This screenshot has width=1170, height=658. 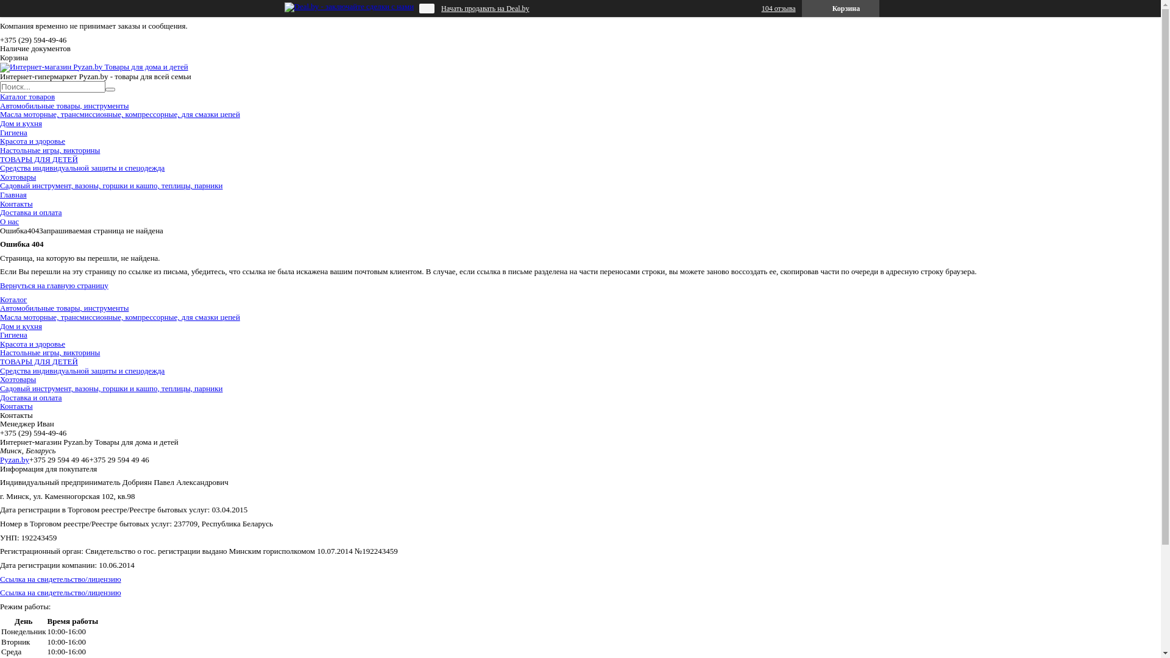 I want to click on 'Pyzan.by', so click(x=0, y=459).